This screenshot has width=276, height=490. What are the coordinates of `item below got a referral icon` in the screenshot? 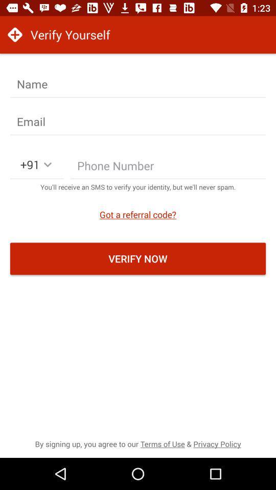 It's located at (138, 258).